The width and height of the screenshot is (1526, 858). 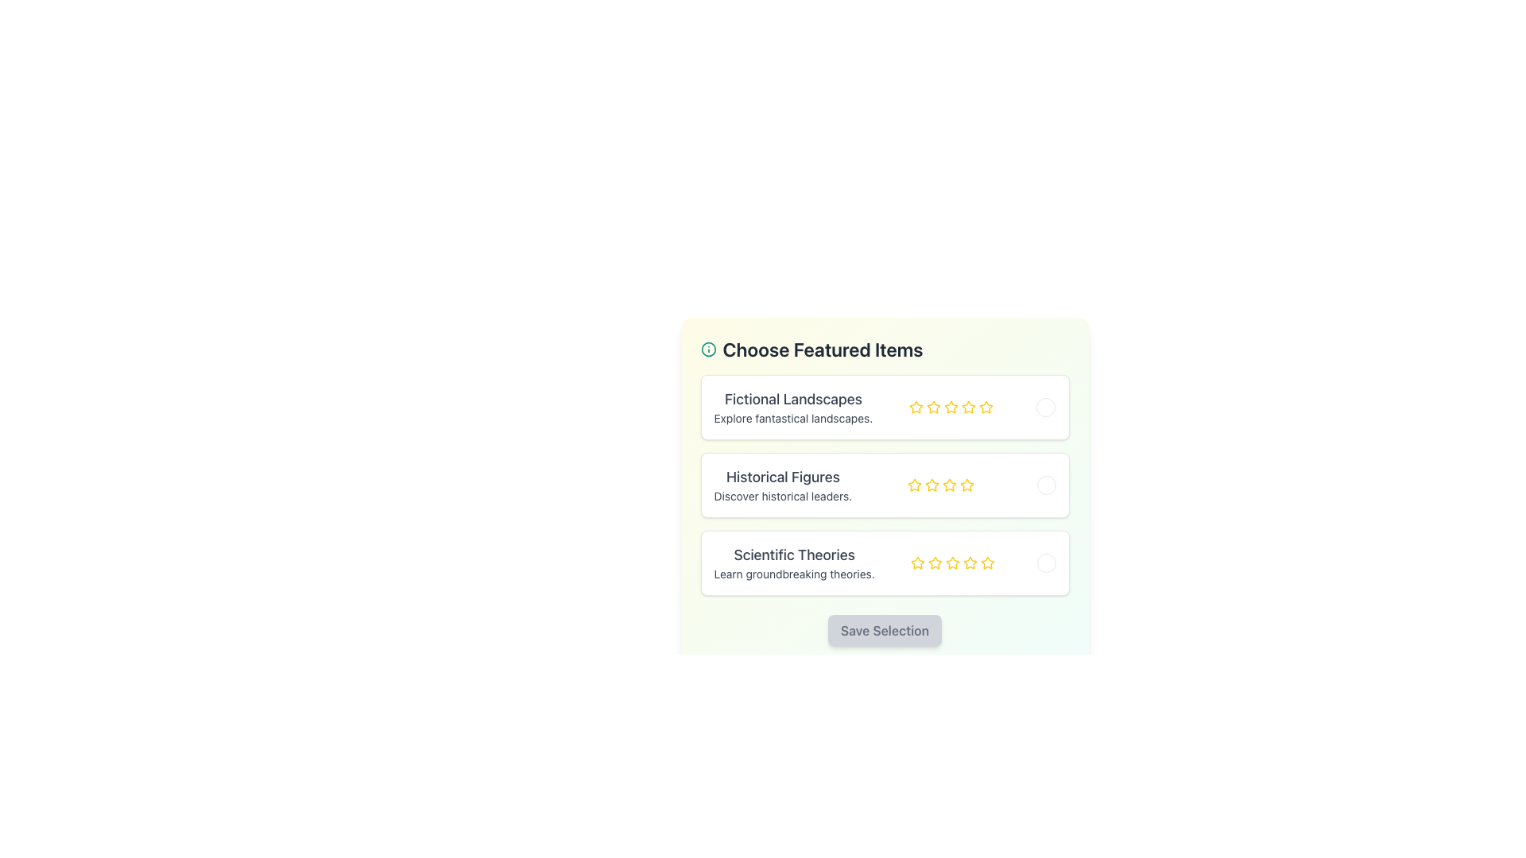 What do you see at coordinates (884, 630) in the screenshot?
I see `the save button located at the bottom of the interface, below the selection panels labeled 'Fictional Landscapes', 'Historical Figures', and 'Scientific Theories'` at bounding box center [884, 630].